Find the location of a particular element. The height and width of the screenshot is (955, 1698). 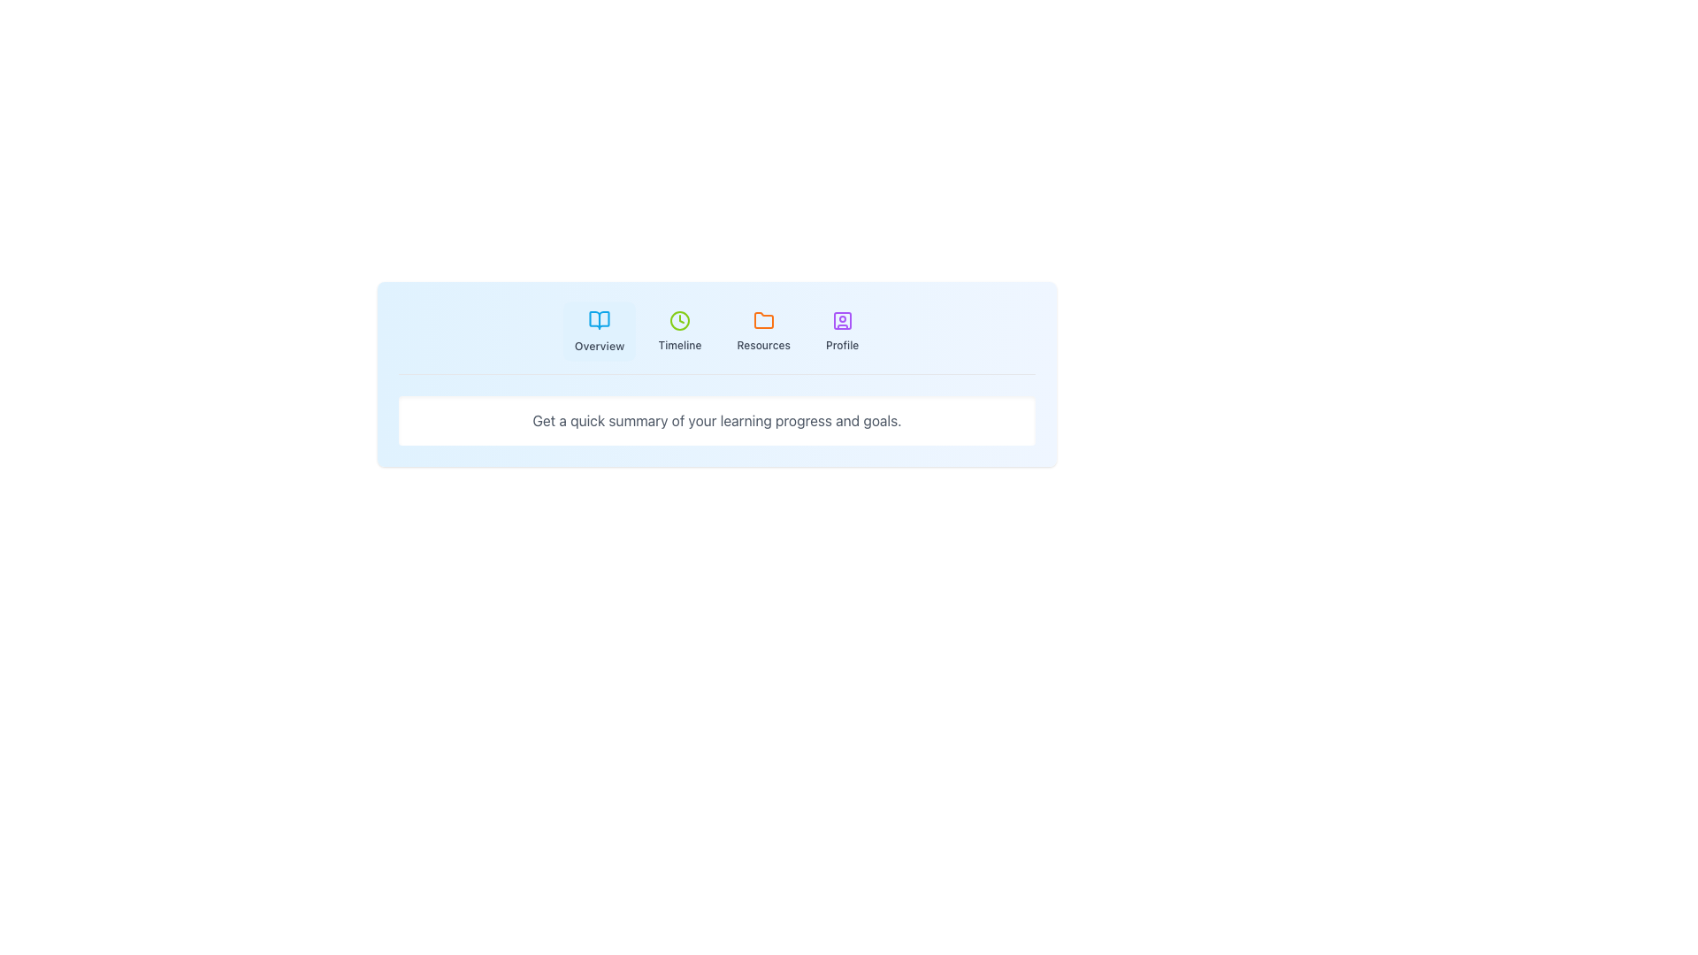

the Text content display that has a white background and contains the text 'Get a quick summary of your learning progress and goals.' is located at coordinates (717, 420).